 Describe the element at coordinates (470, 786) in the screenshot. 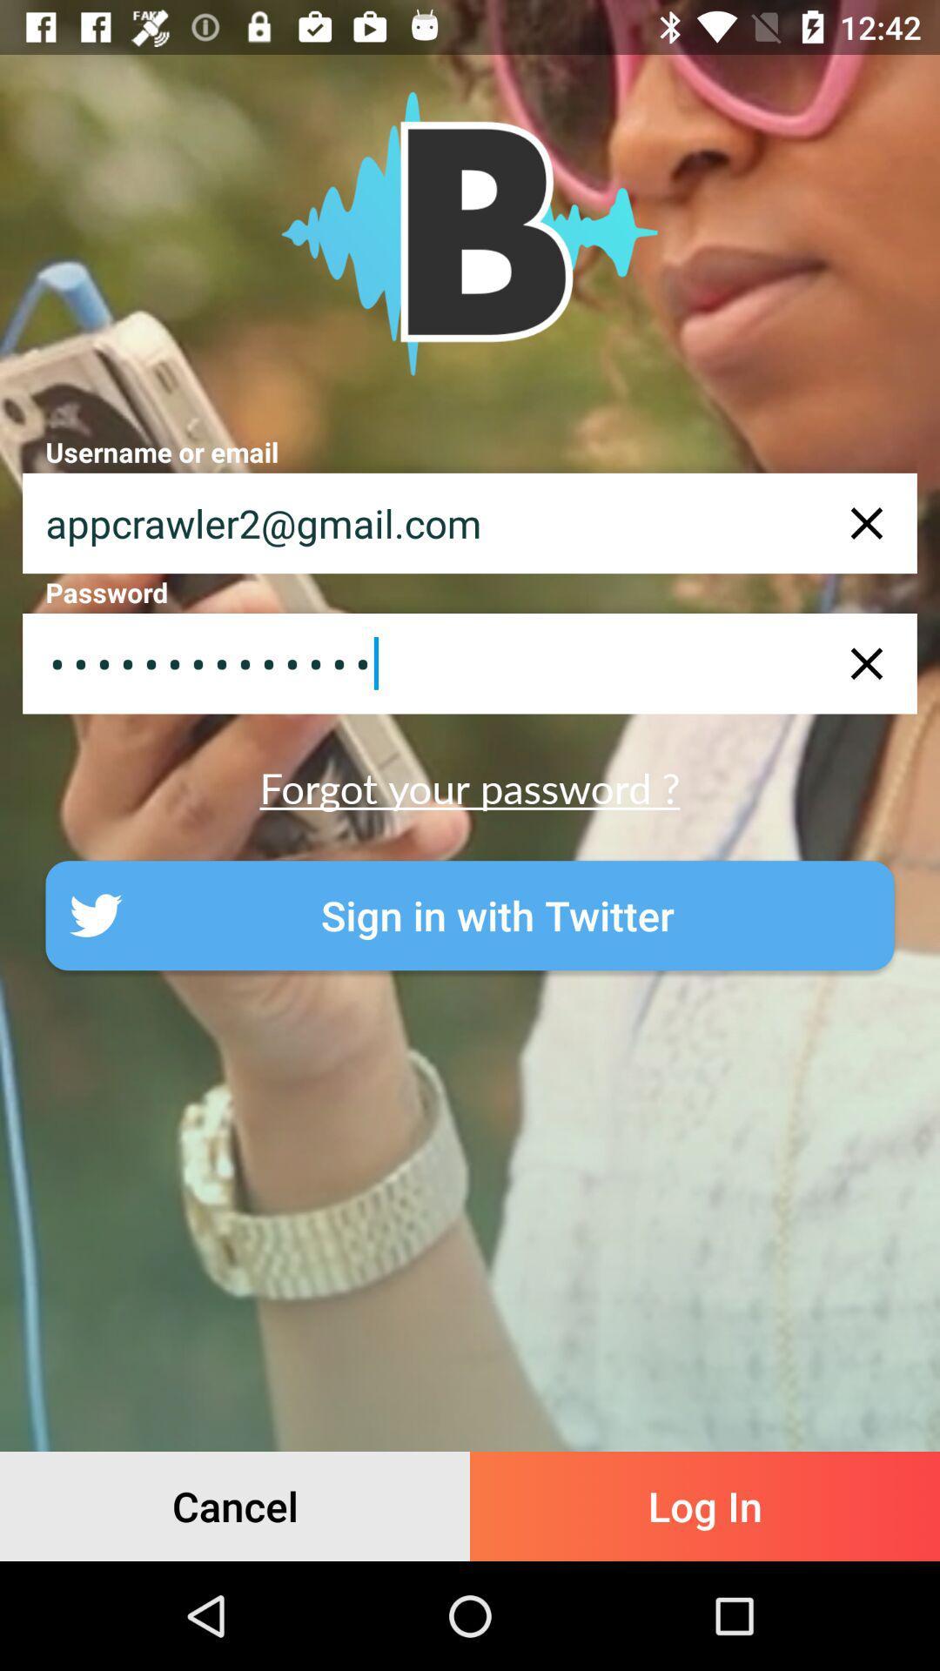

I see `the forgot your password ?` at that location.